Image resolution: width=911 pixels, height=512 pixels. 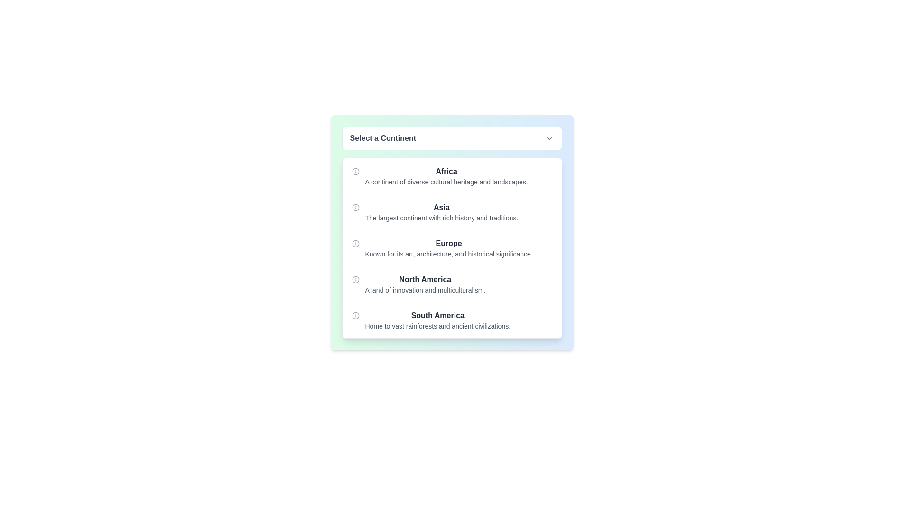 I want to click on the Information Icon located to the left of the bolded text 'South America' in the 'Select a Continent' dropdown, so click(x=355, y=316).